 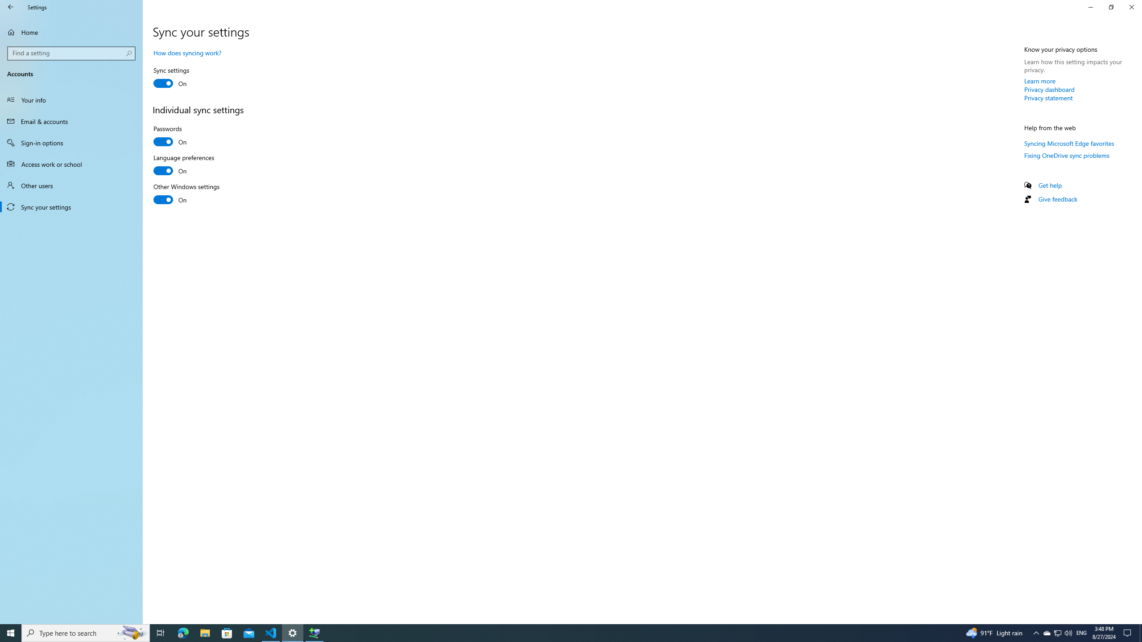 I want to click on 'Other users', so click(x=71, y=185).